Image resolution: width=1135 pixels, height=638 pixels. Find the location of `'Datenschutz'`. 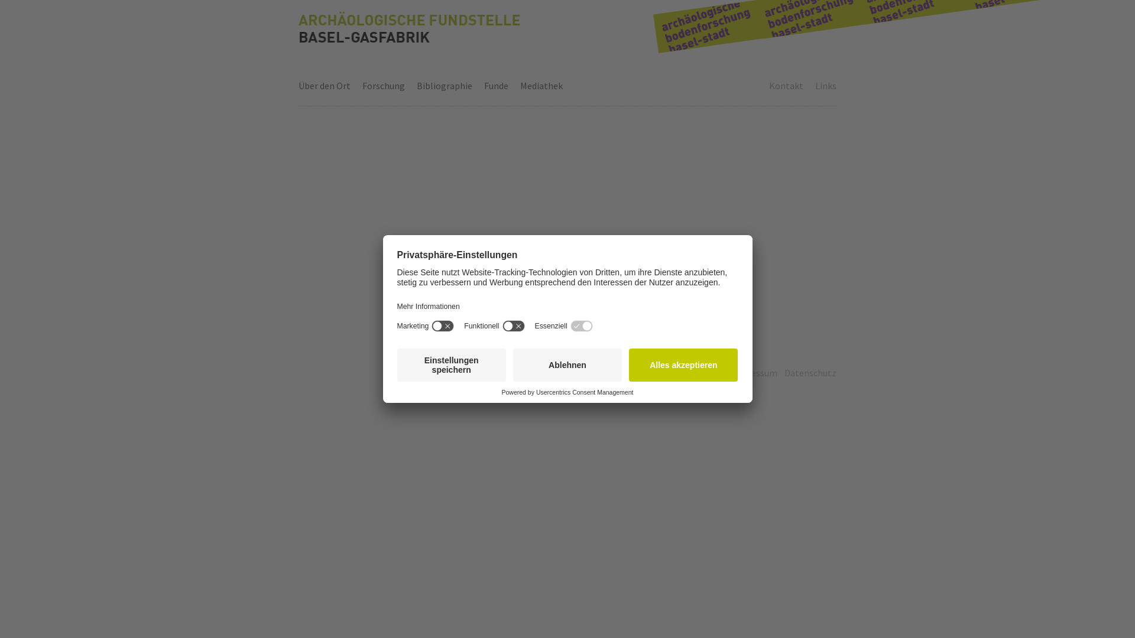

'Datenschutz' is located at coordinates (810, 373).